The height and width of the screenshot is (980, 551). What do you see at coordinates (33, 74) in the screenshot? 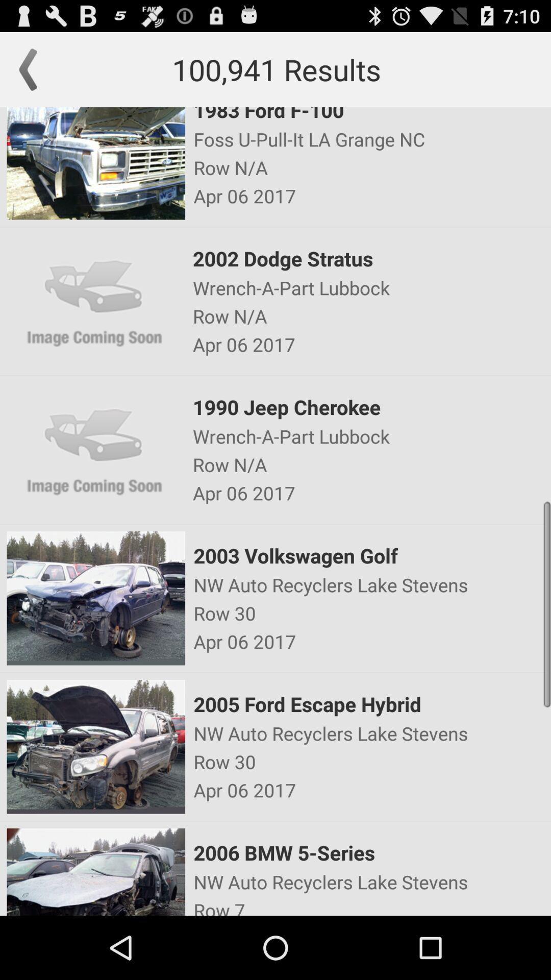
I see `the arrow_backward icon` at bounding box center [33, 74].